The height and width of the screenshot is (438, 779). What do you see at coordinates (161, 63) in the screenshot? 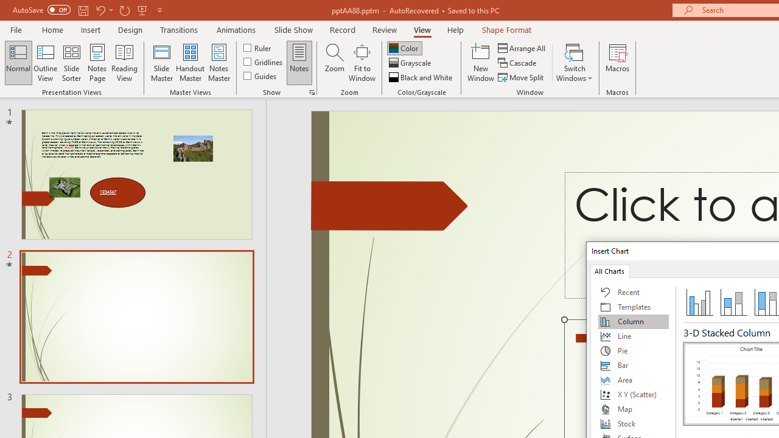
I see `'Slide Master'` at bounding box center [161, 63].